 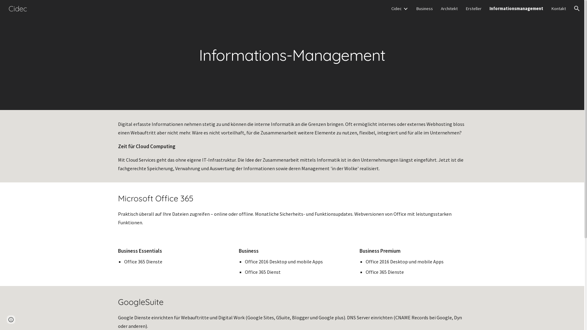 What do you see at coordinates (396, 8) in the screenshot?
I see `'Cidec'` at bounding box center [396, 8].